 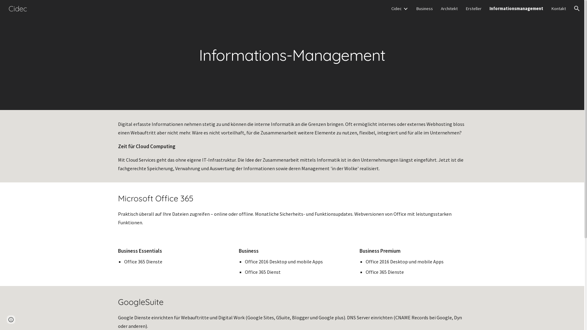 What do you see at coordinates (396, 8) in the screenshot?
I see `'Cidec'` at bounding box center [396, 8].